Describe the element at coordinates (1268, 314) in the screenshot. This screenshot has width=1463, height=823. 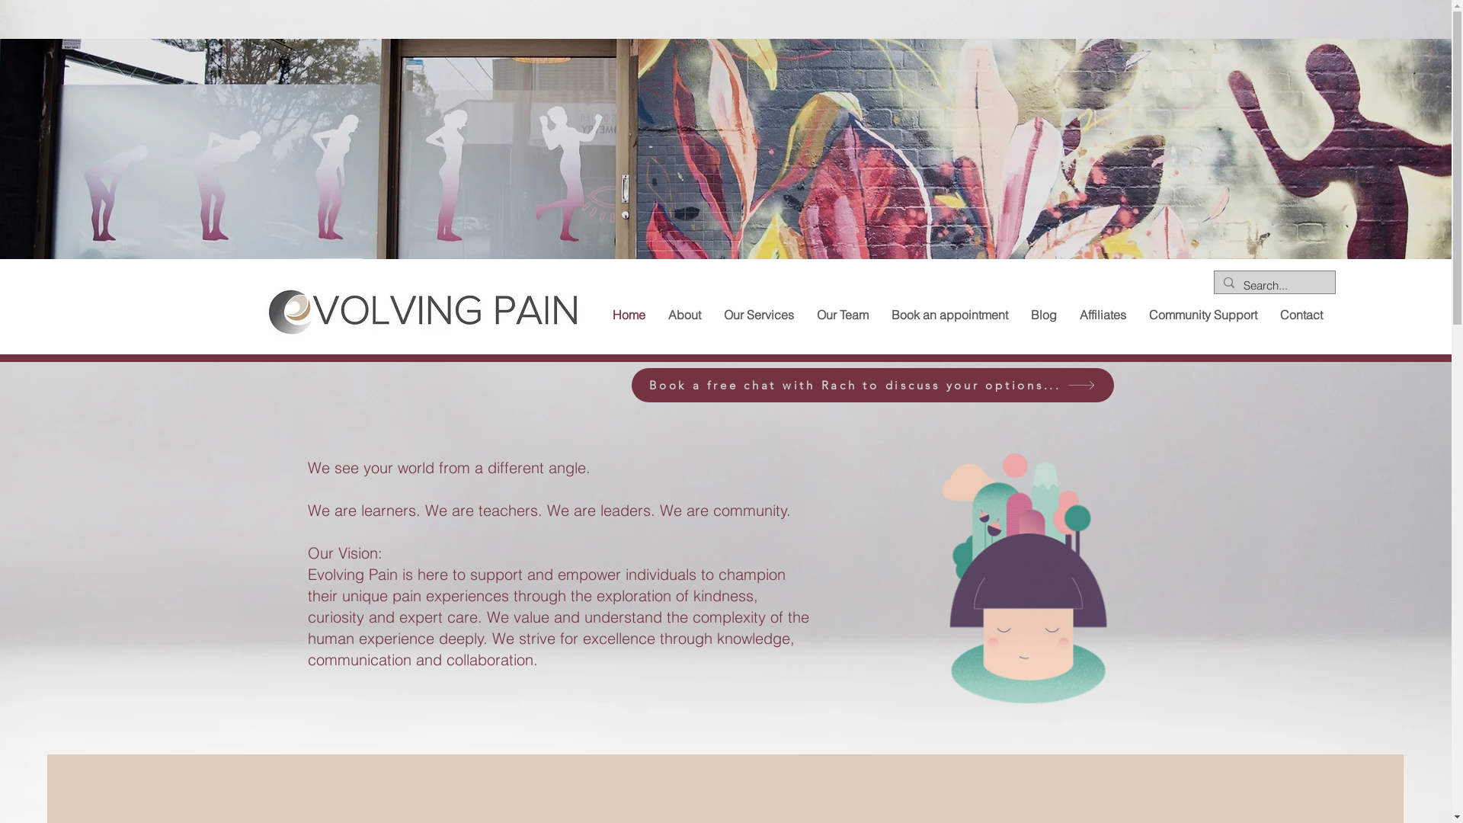
I see `'Contact'` at that location.